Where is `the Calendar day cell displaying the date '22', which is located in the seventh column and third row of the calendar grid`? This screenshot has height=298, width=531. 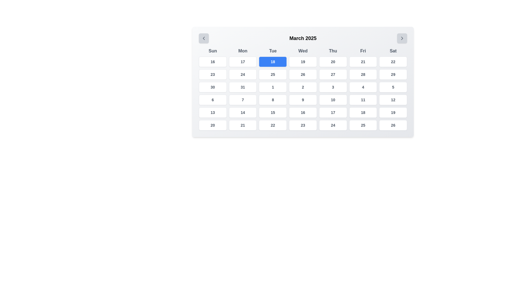
the Calendar day cell displaying the date '22', which is located in the seventh column and third row of the calendar grid is located at coordinates (393, 62).